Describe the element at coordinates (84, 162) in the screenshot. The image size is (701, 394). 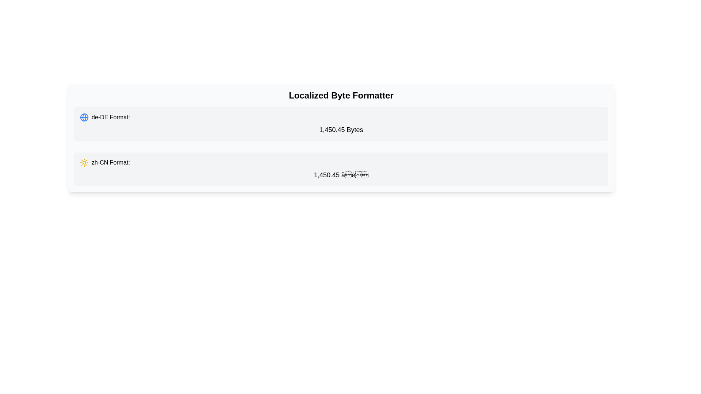
I see `the sunlight or brightness icon located to the left of the text 'zh-CN Format:' in the second row of the list` at that location.